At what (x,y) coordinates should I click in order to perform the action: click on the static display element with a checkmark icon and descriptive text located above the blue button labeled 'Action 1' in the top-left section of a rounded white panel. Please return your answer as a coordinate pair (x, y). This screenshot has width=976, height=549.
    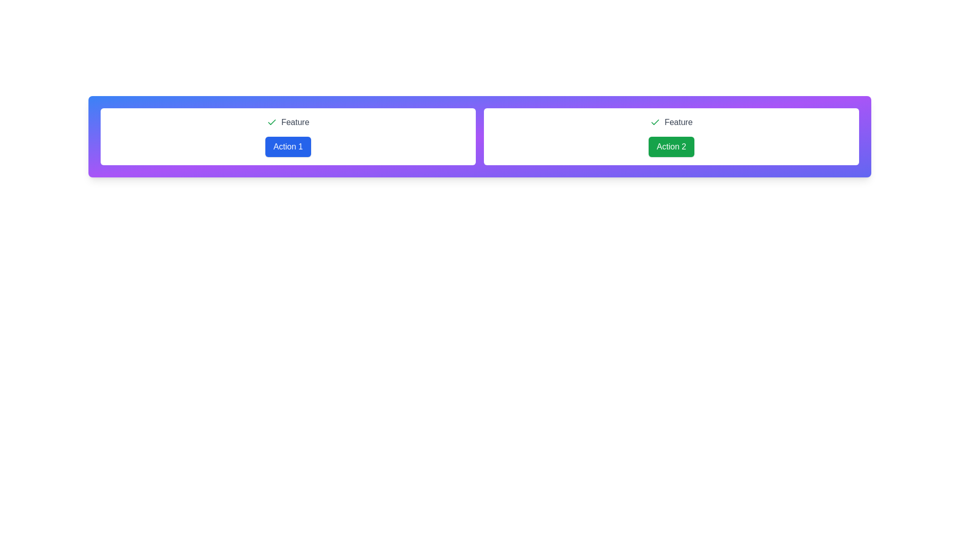
    Looking at the image, I should click on (287, 121).